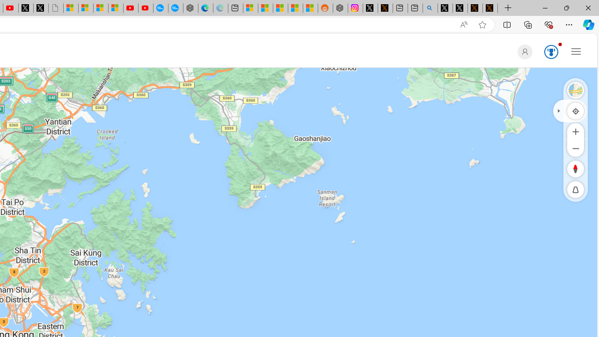  I want to click on 'Settings and quick links', so click(576, 51).